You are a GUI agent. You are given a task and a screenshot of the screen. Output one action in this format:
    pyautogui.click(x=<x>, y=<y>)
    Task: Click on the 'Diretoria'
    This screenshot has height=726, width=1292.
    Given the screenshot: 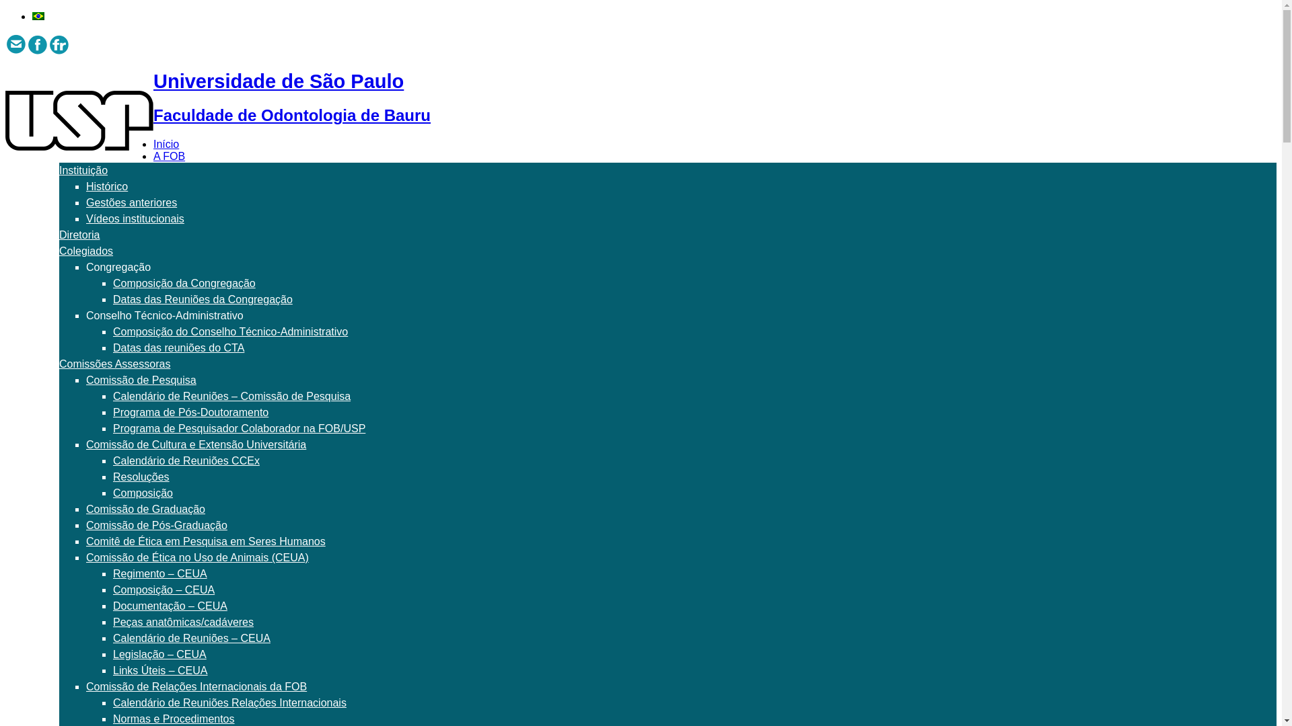 What is the action you would take?
    pyautogui.click(x=79, y=234)
    